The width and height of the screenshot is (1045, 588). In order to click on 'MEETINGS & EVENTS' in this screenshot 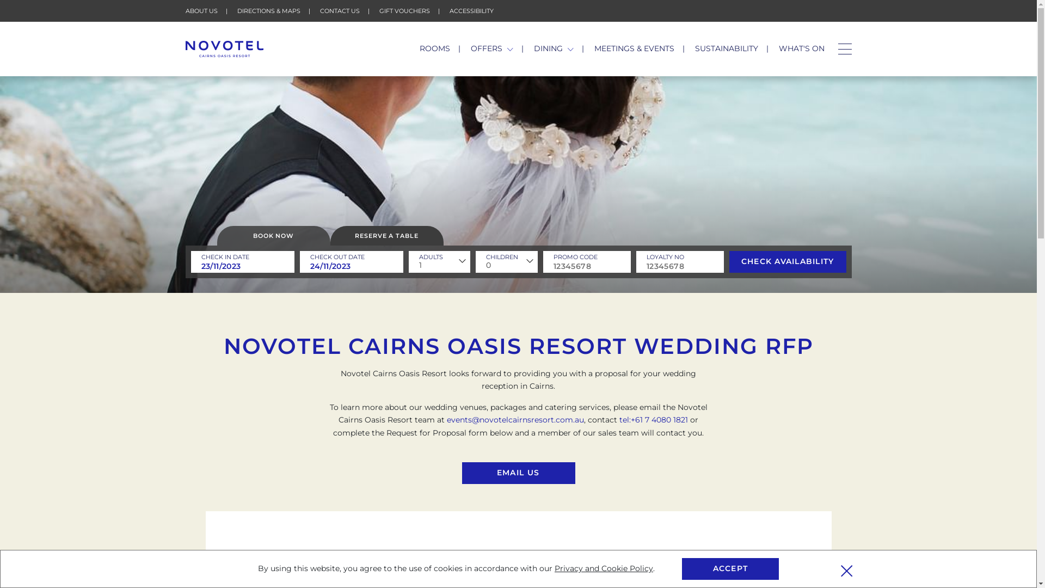, I will do `click(634, 48)`.